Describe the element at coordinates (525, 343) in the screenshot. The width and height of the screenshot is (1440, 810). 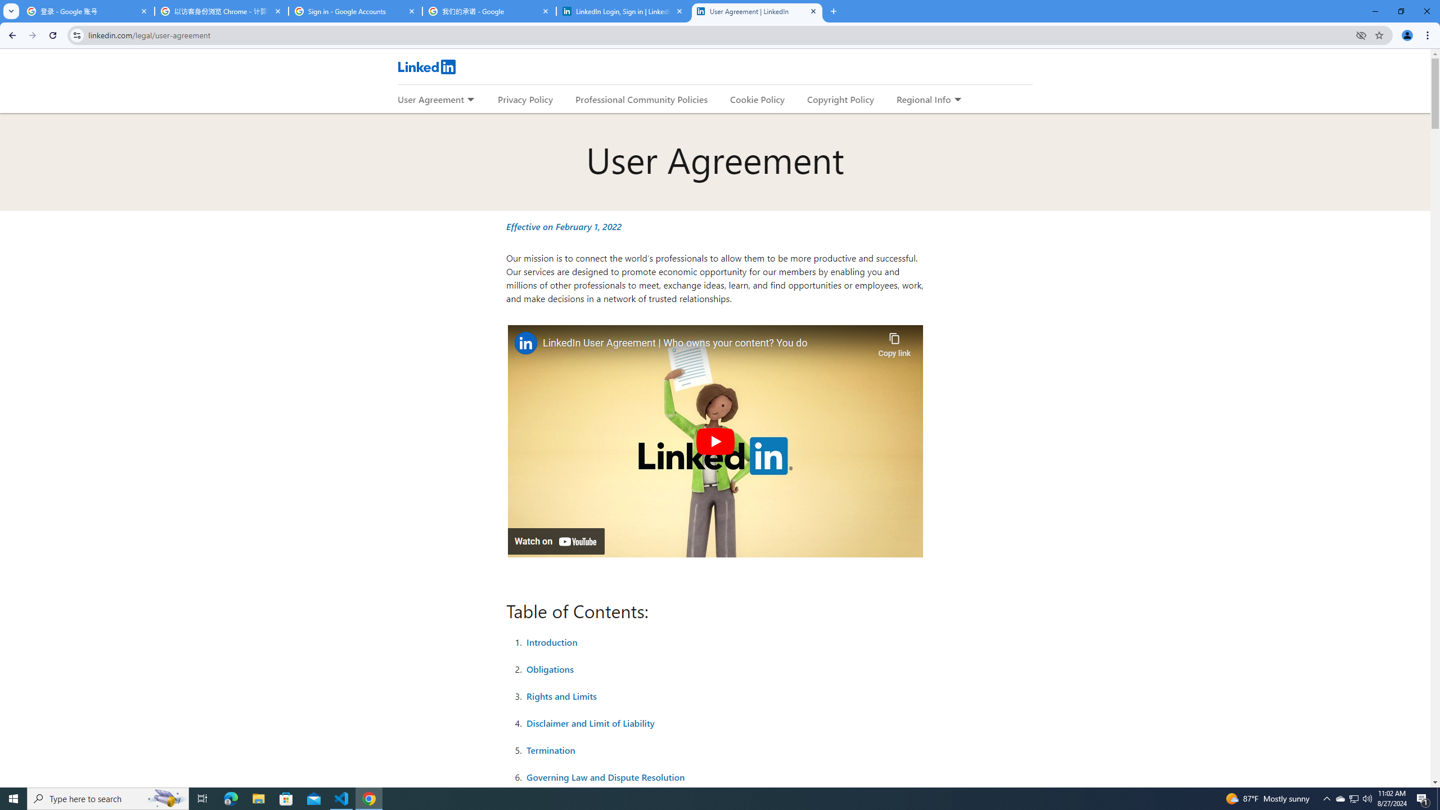
I see `'Photo image of LinkedIn'` at that location.